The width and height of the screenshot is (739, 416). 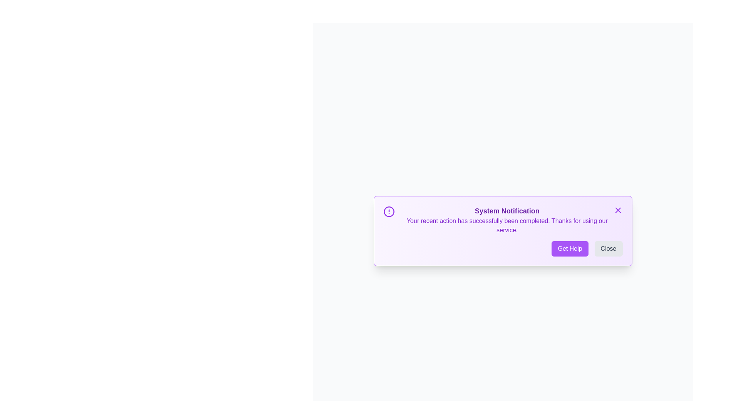 I want to click on success confirmation message located in the bottom section of the notification card, directly below the heading 'System Notification', so click(x=507, y=225).